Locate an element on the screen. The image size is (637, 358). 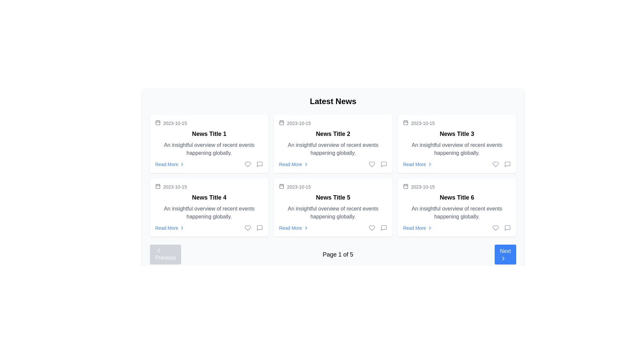
the bold text element titled 'News Title 1' located in the top-left card of the grid layout is located at coordinates (209, 134).